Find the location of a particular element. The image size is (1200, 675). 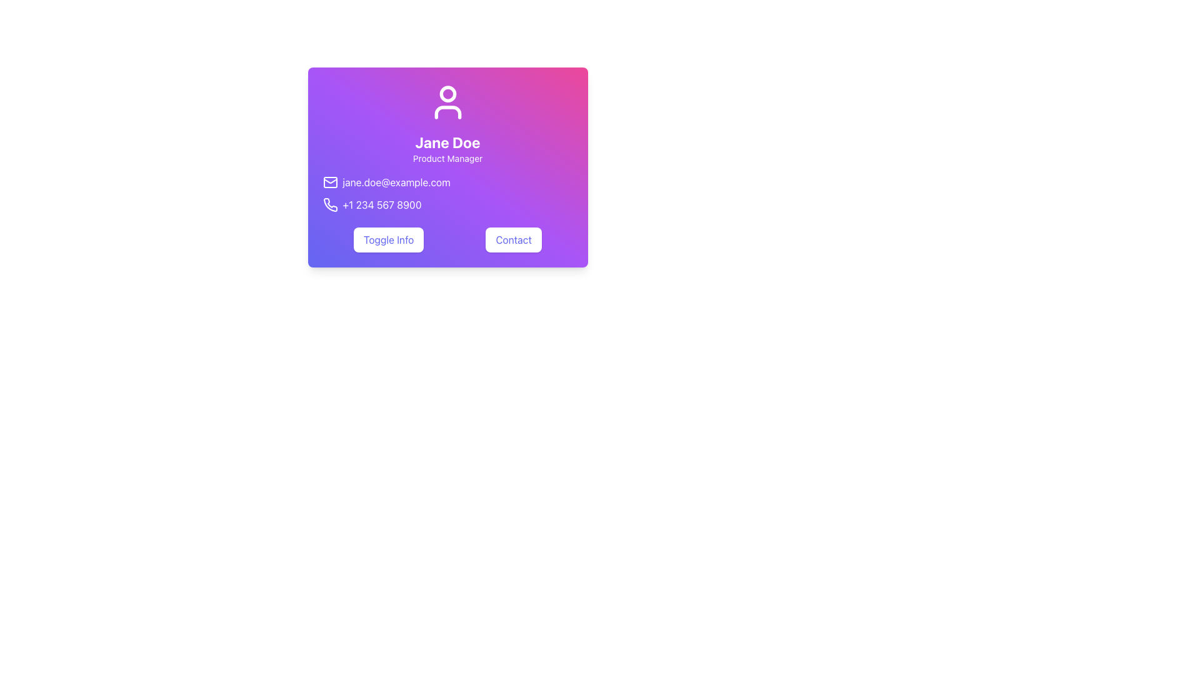

the purple envelope icon representing email, which is located beside the email address 'jane.doe@example.com' is located at coordinates (330, 182).